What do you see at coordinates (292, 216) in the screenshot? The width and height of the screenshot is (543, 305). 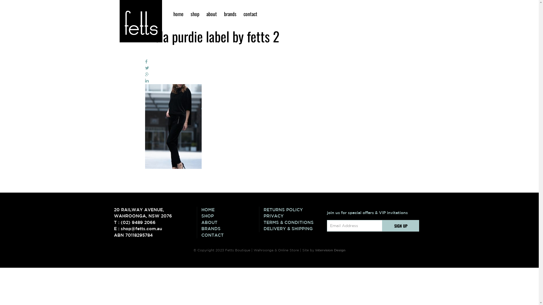 I see `'PRIVACY'` at bounding box center [292, 216].